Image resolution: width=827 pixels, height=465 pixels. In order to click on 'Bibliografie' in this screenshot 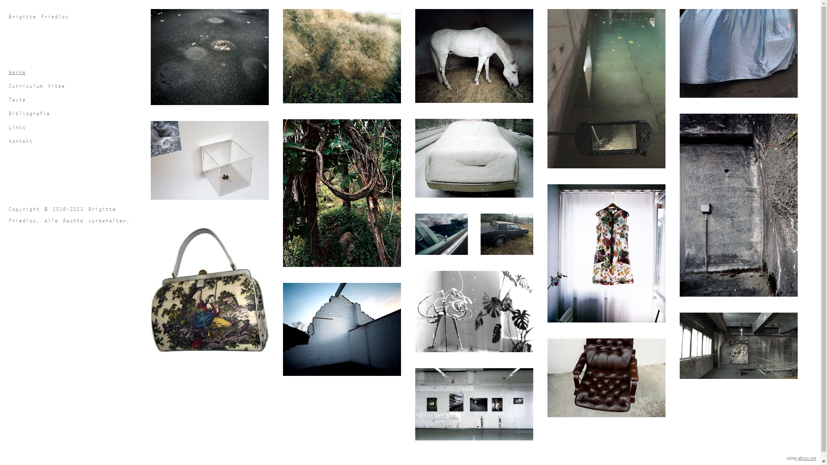, I will do `click(78, 113)`.